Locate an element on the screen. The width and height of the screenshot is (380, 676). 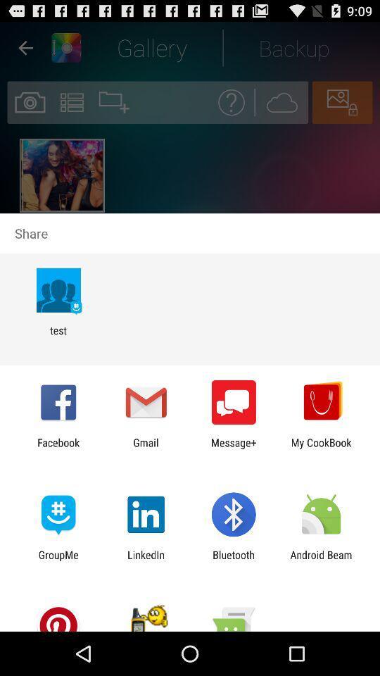
app next to my cookbook app is located at coordinates (234, 448).